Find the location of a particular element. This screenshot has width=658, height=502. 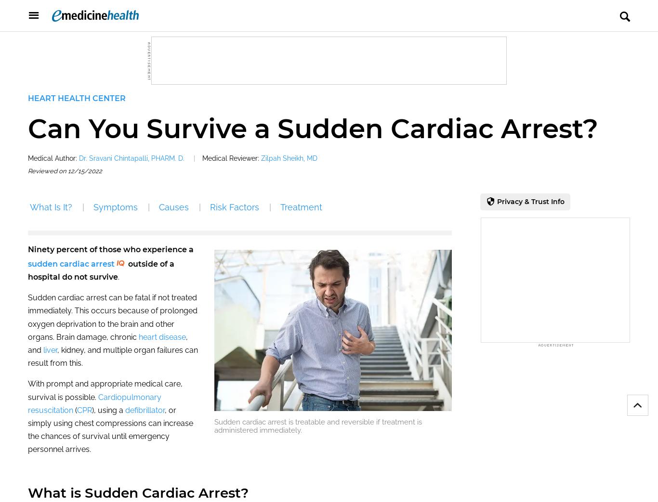

'outside of a hospital do not survive' is located at coordinates (100, 270).